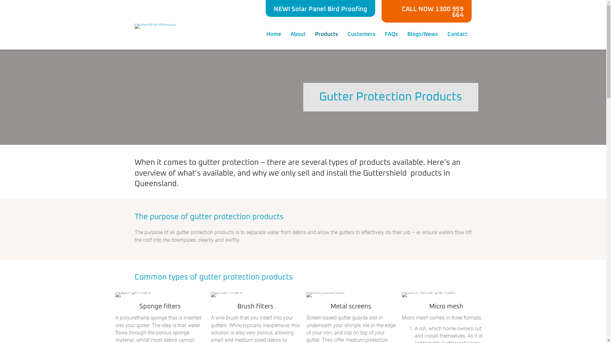 This screenshot has width=611, height=343. Describe the element at coordinates (380, 34) in the screenshot. I see `'FAQs'` at that location.